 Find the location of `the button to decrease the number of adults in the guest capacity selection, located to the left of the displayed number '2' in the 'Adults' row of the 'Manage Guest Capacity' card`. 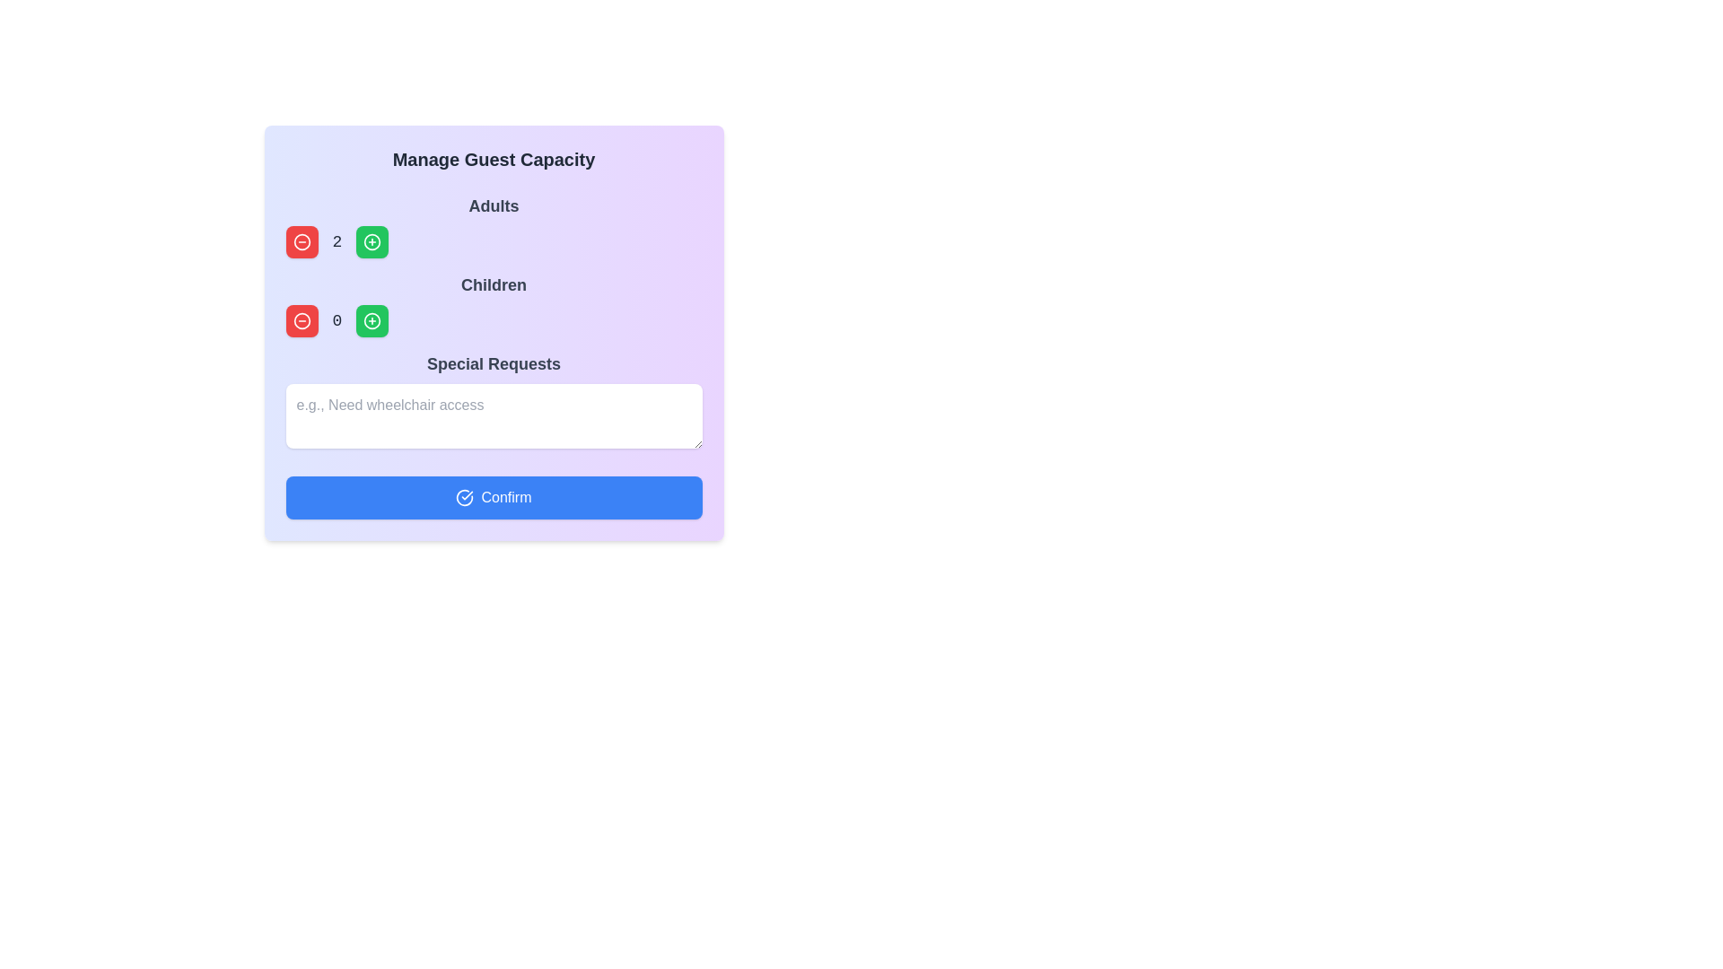

the button to decrease the number of adults in the guest capacity selection, located to the left of the displayed number '2' in the 'Adults' row of the 'Manage Guest Capacity' card is located at coordinates (302, 242).